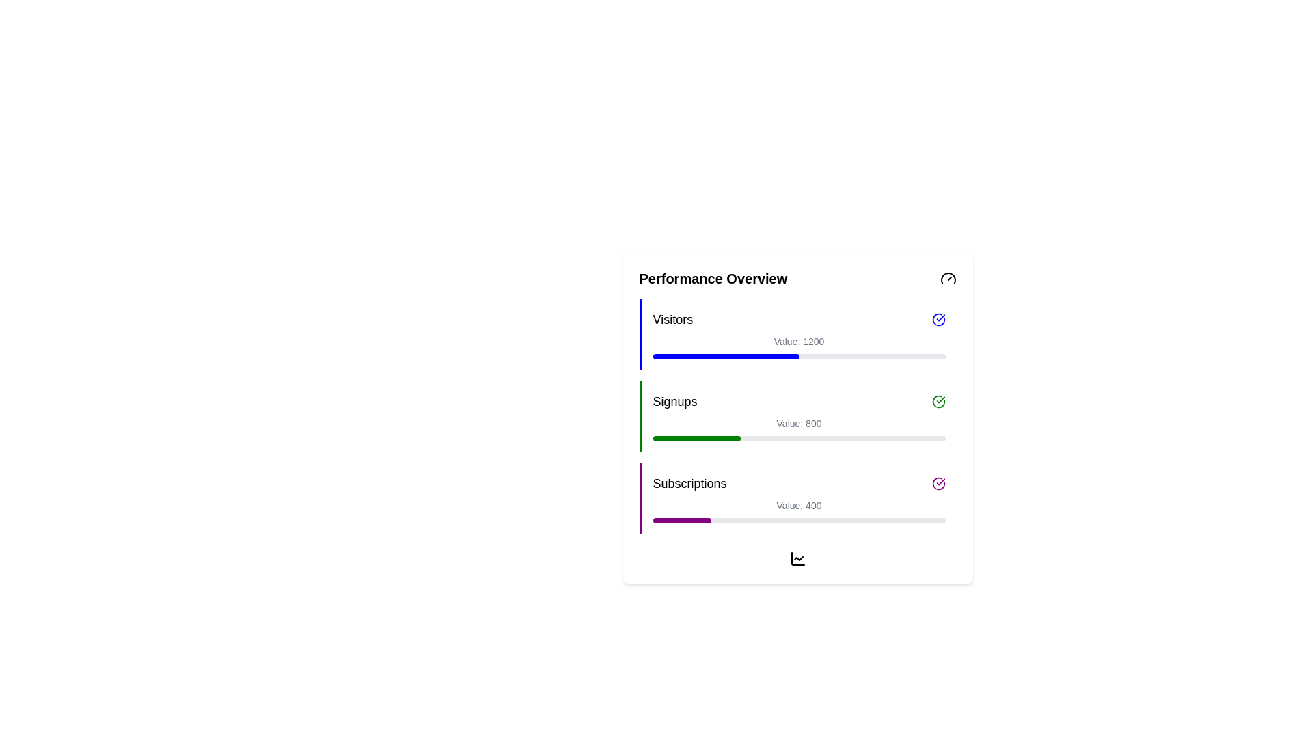  I want to click on the circular green check icon indicating a completed status in the 'Signups' section of the 'Performance Overview' card, so click(938, 400).